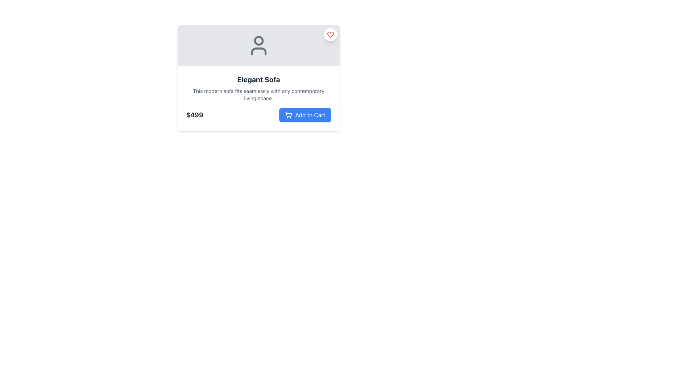 Image resolution: width=696 pixels, height=391 pixels. What do you see at coordinates (330, 35) in the screenshot?
I see `the heart icon in the top-right circular area of the card interface to favorite the item` at bounding box center [330, 35].